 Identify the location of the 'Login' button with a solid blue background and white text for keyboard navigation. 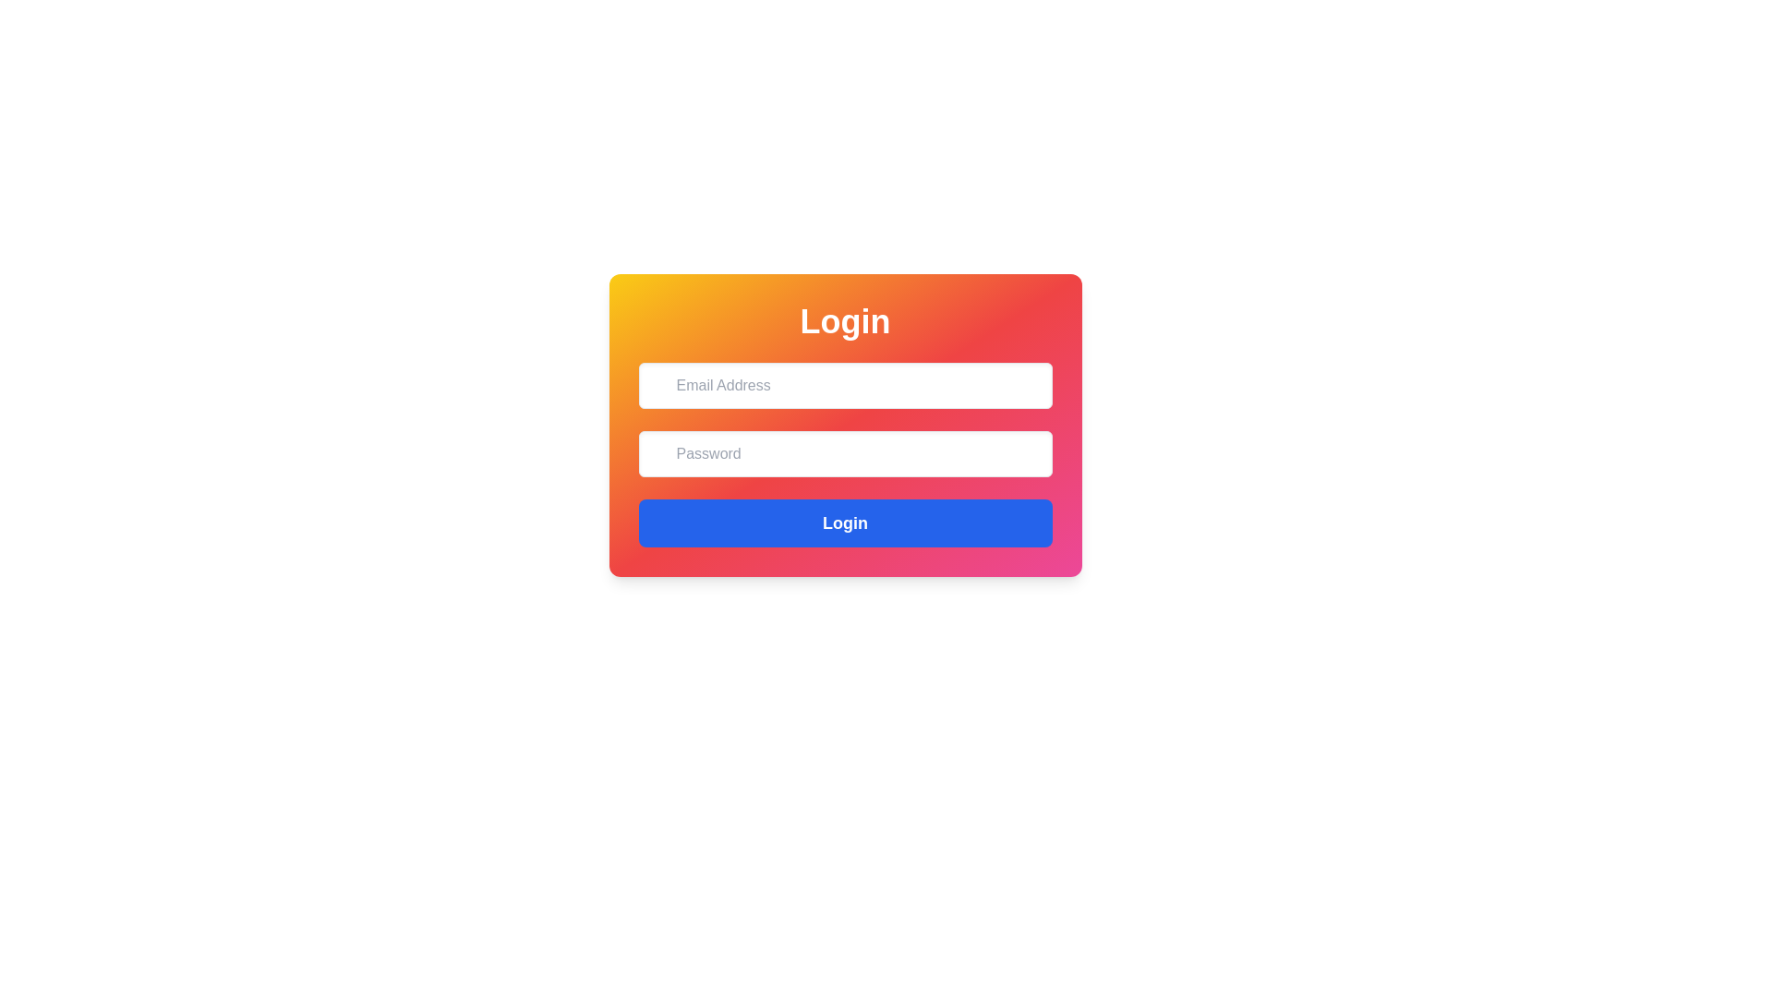
(844, 523).